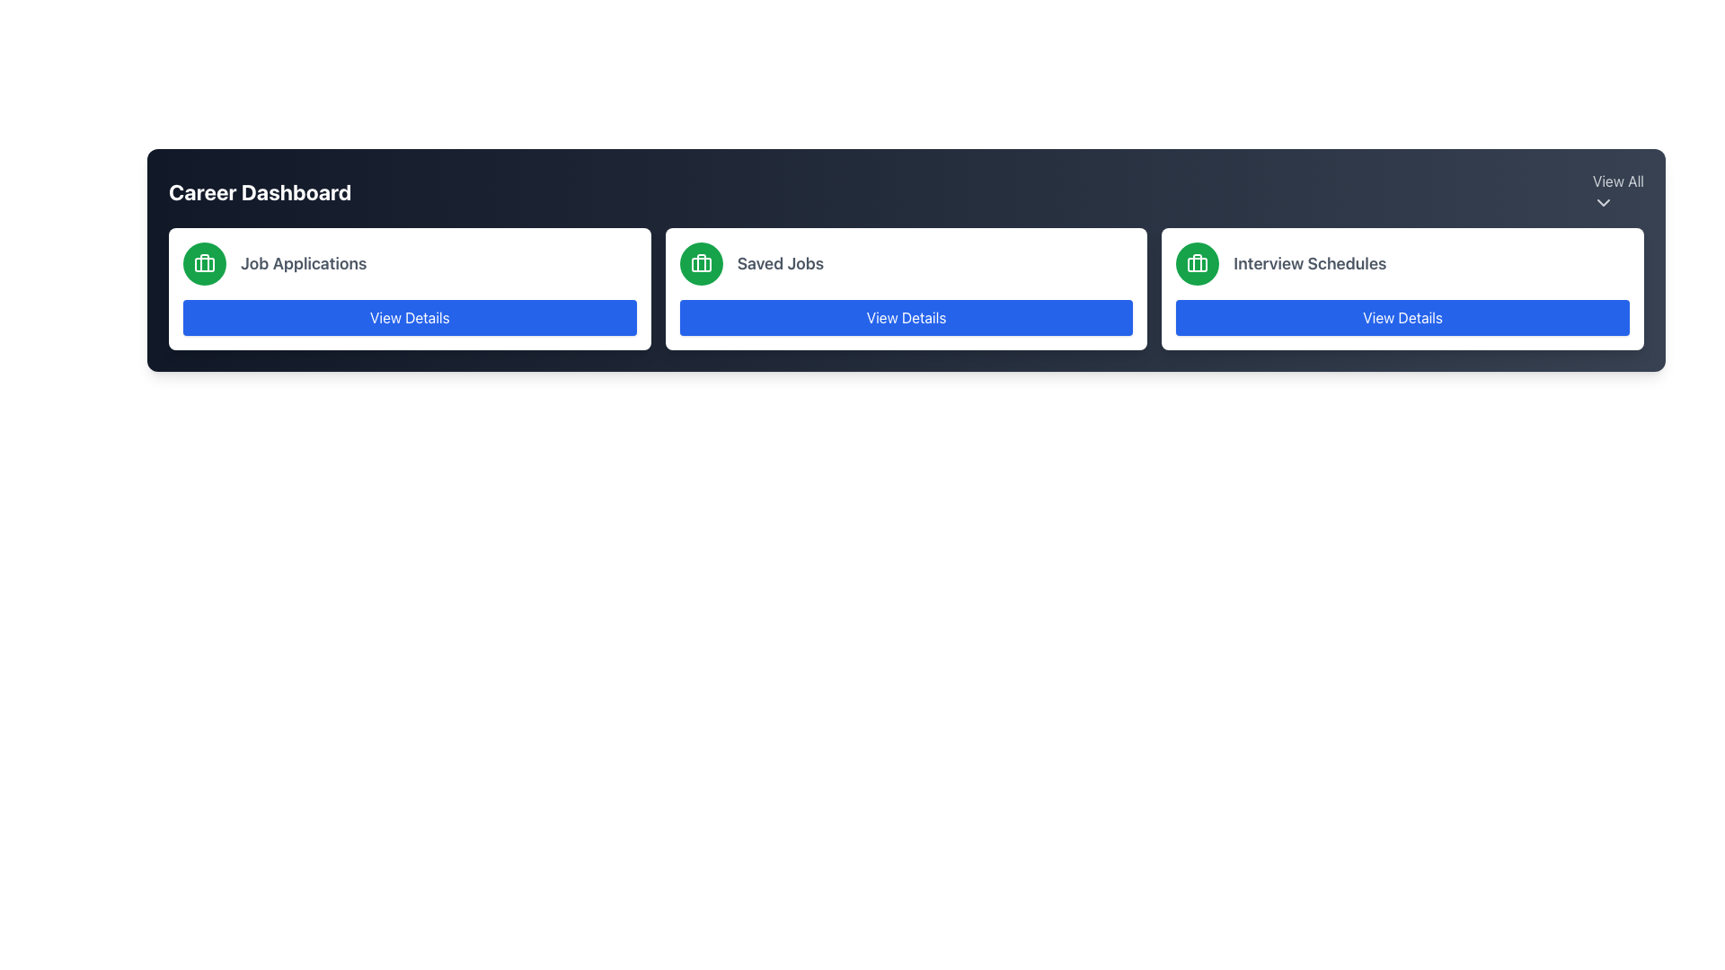 This screenshot has height=970, width=1725. I want to click on the briefcase icon with a green circular background in the 'Interview Schedules' section, so click(1198, 263).